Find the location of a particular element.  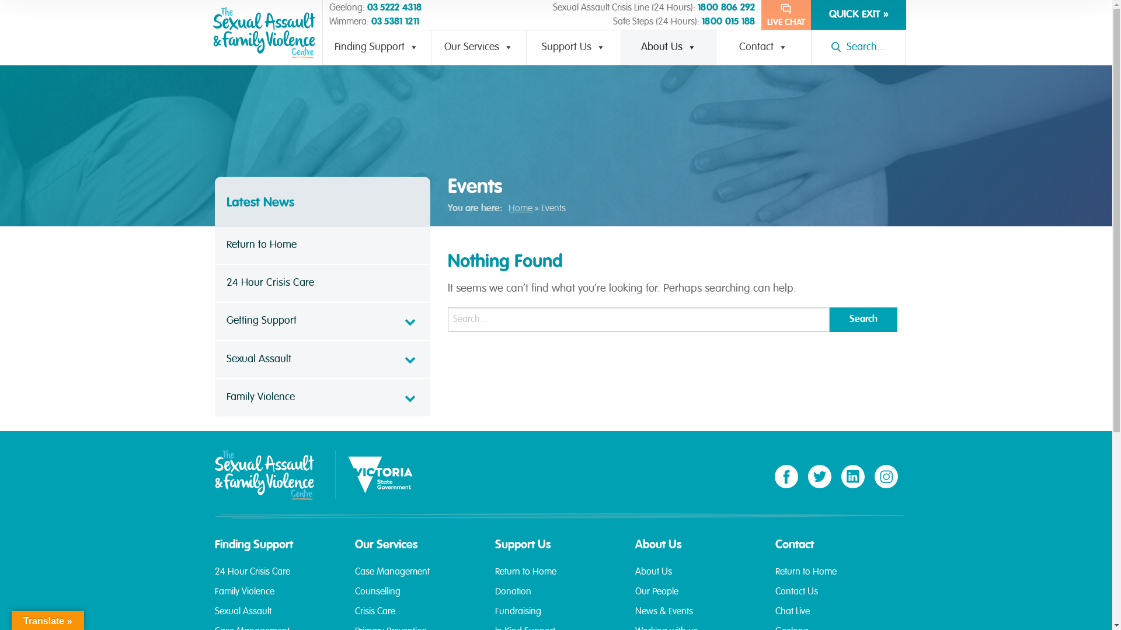

'Getting Support' is located at coordinates (322, 321).